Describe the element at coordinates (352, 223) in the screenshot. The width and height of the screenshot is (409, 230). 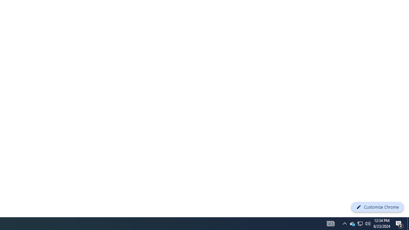
I see `'User Promoted Notification Area'` at that location.